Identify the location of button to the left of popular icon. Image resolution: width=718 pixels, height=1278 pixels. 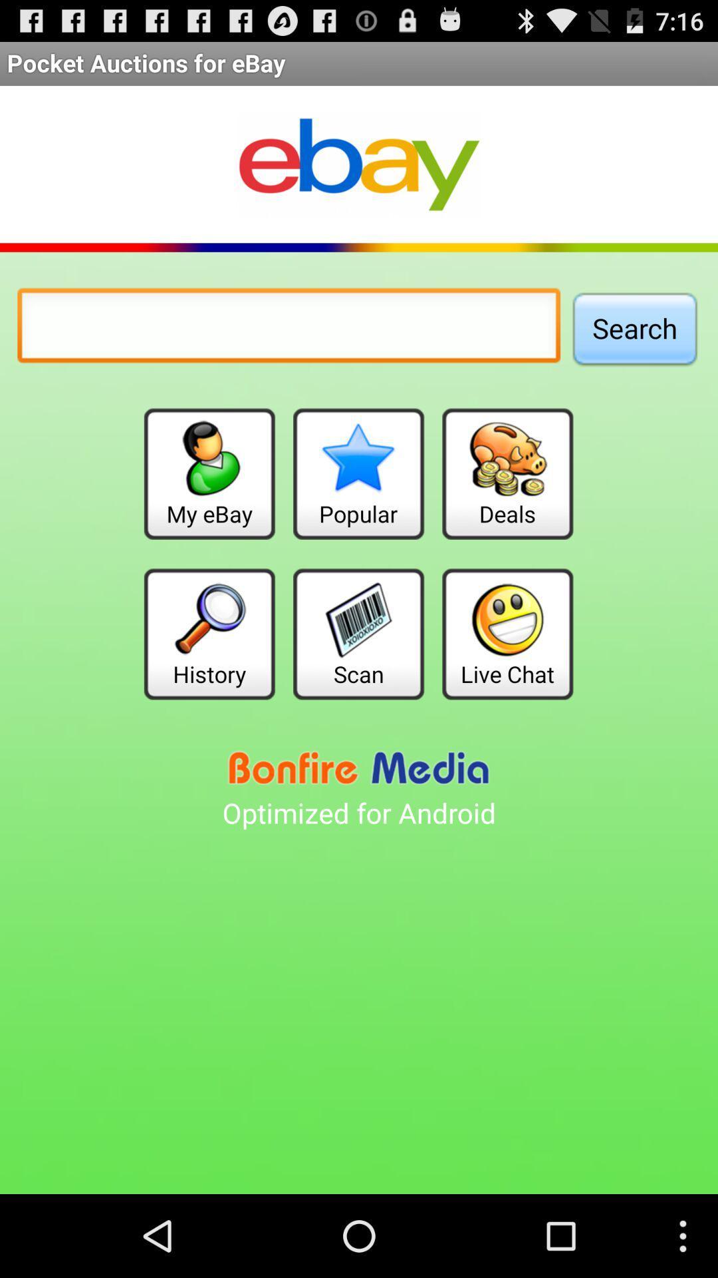
(209, 474).